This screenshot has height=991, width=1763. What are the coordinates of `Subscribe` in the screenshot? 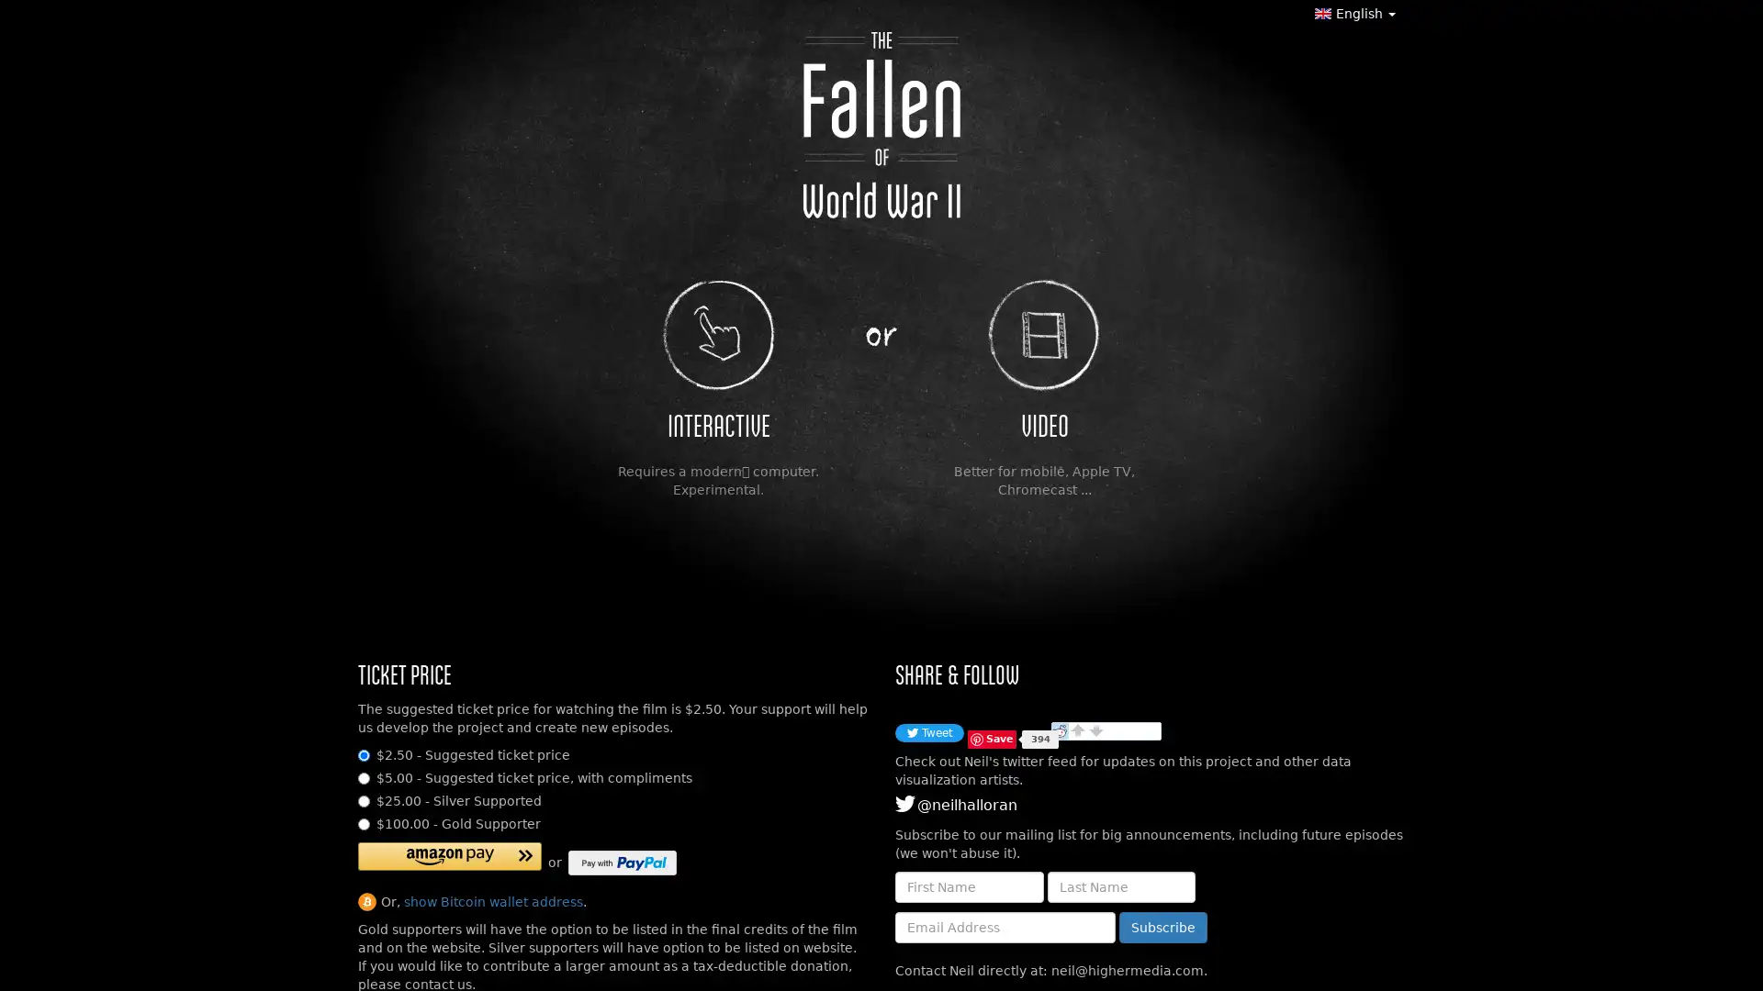 It's located at (1162, 927).